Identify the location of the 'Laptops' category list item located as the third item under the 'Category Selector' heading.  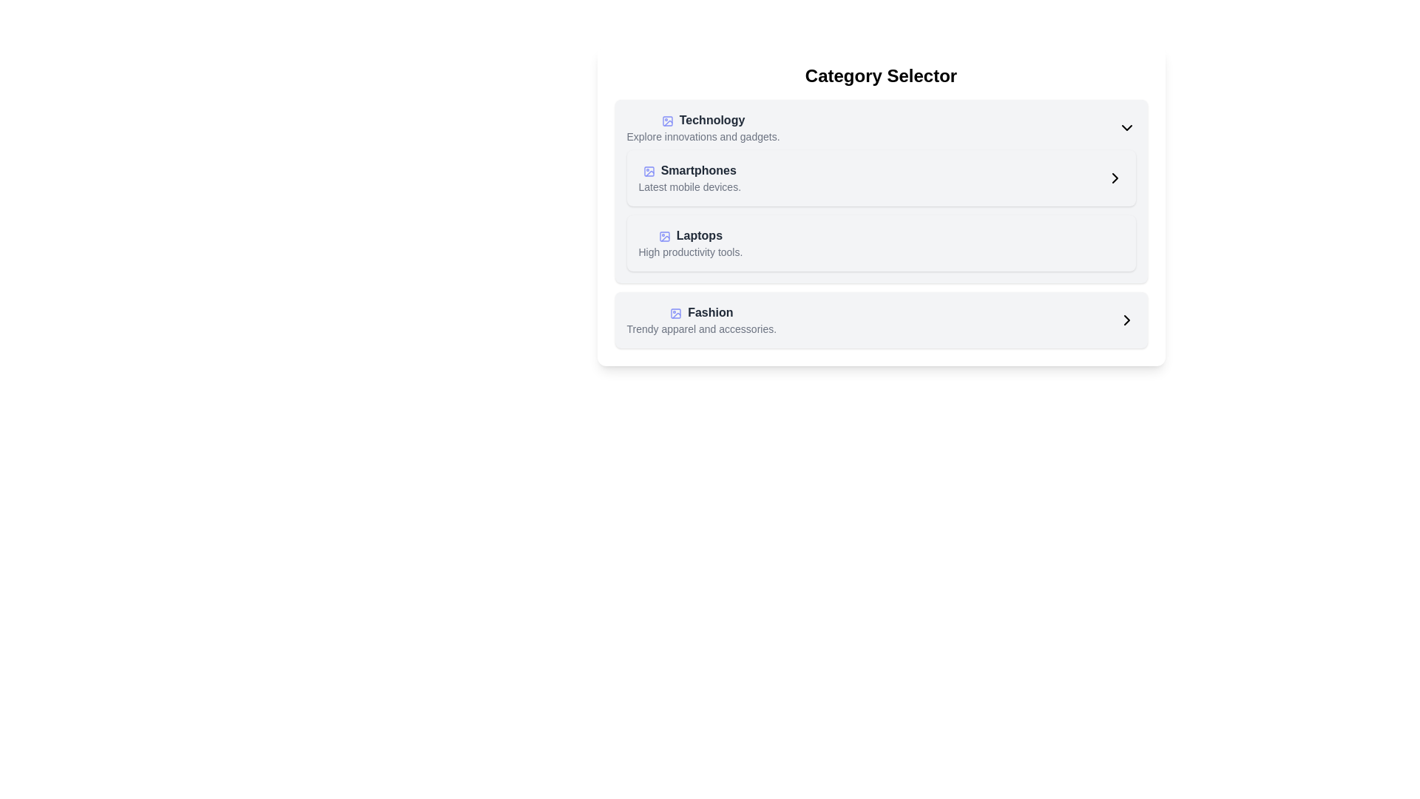
(689, 242).